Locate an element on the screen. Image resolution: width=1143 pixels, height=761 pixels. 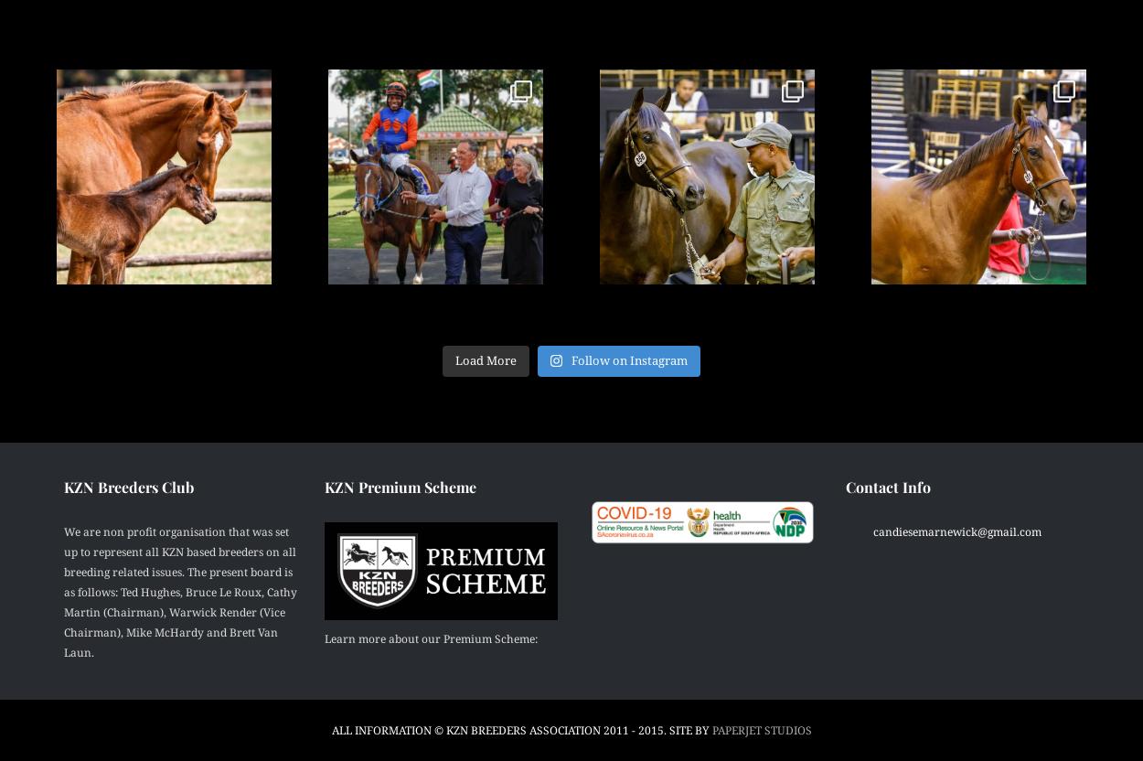
'All Information © KZN Breeders Association 2011 - 2015. Site by' is located at coordinates (520, 729).